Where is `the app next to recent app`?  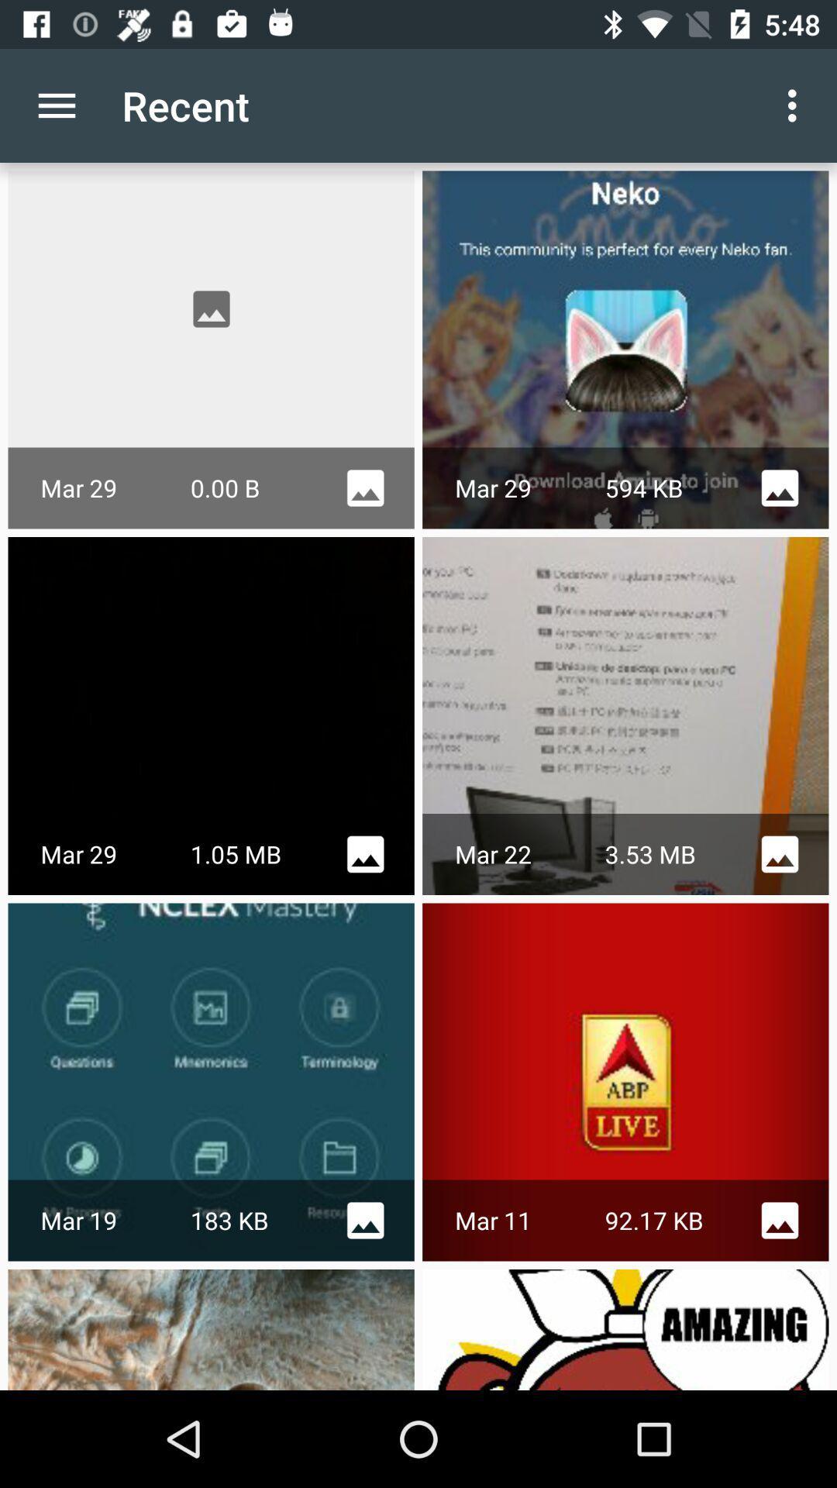 the app next to recent app is located at coordinates (56, 105).